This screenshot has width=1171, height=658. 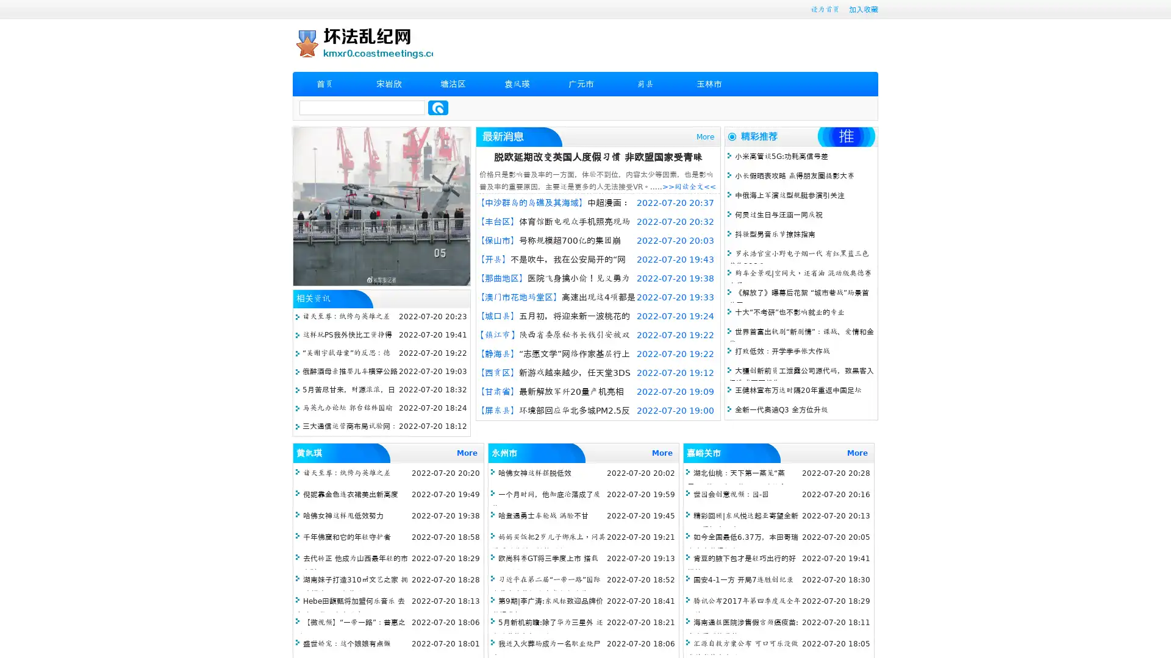 I want to click on Search, so click(x=438, y=107).